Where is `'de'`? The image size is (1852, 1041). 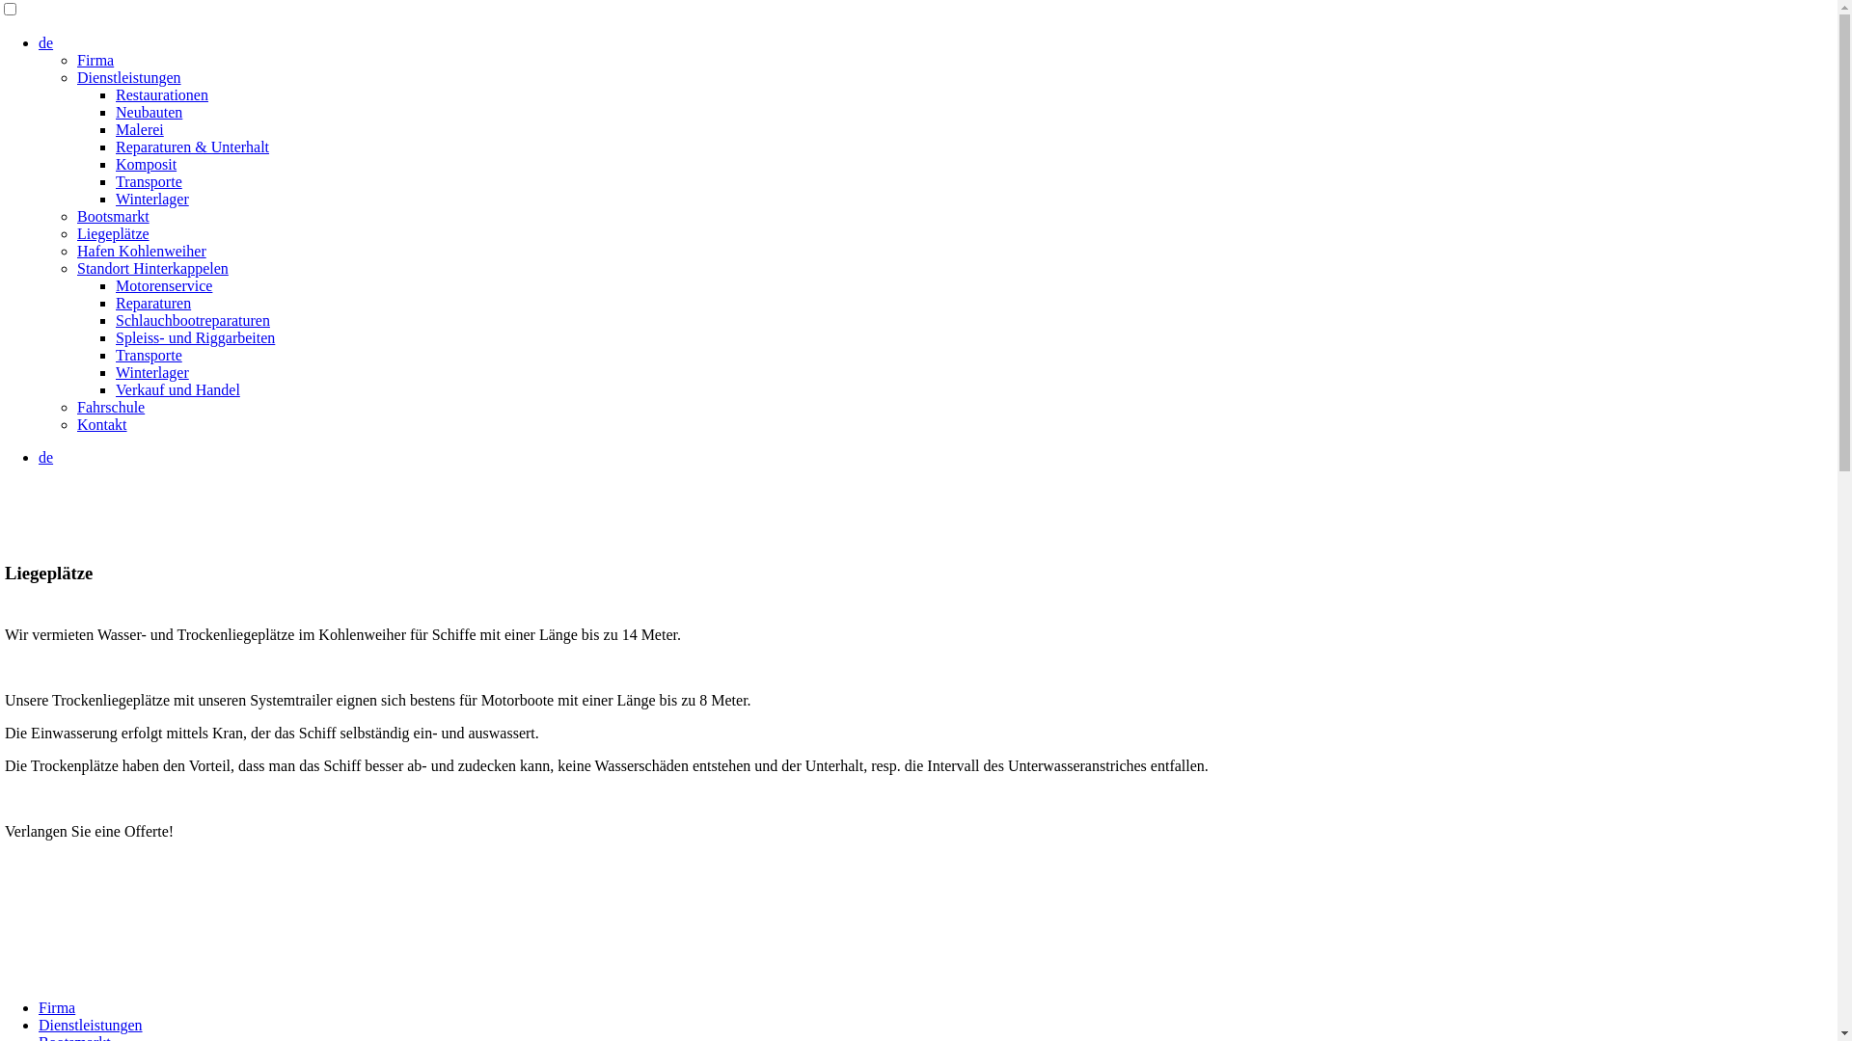
'de' is located at coordinates (45, 457).